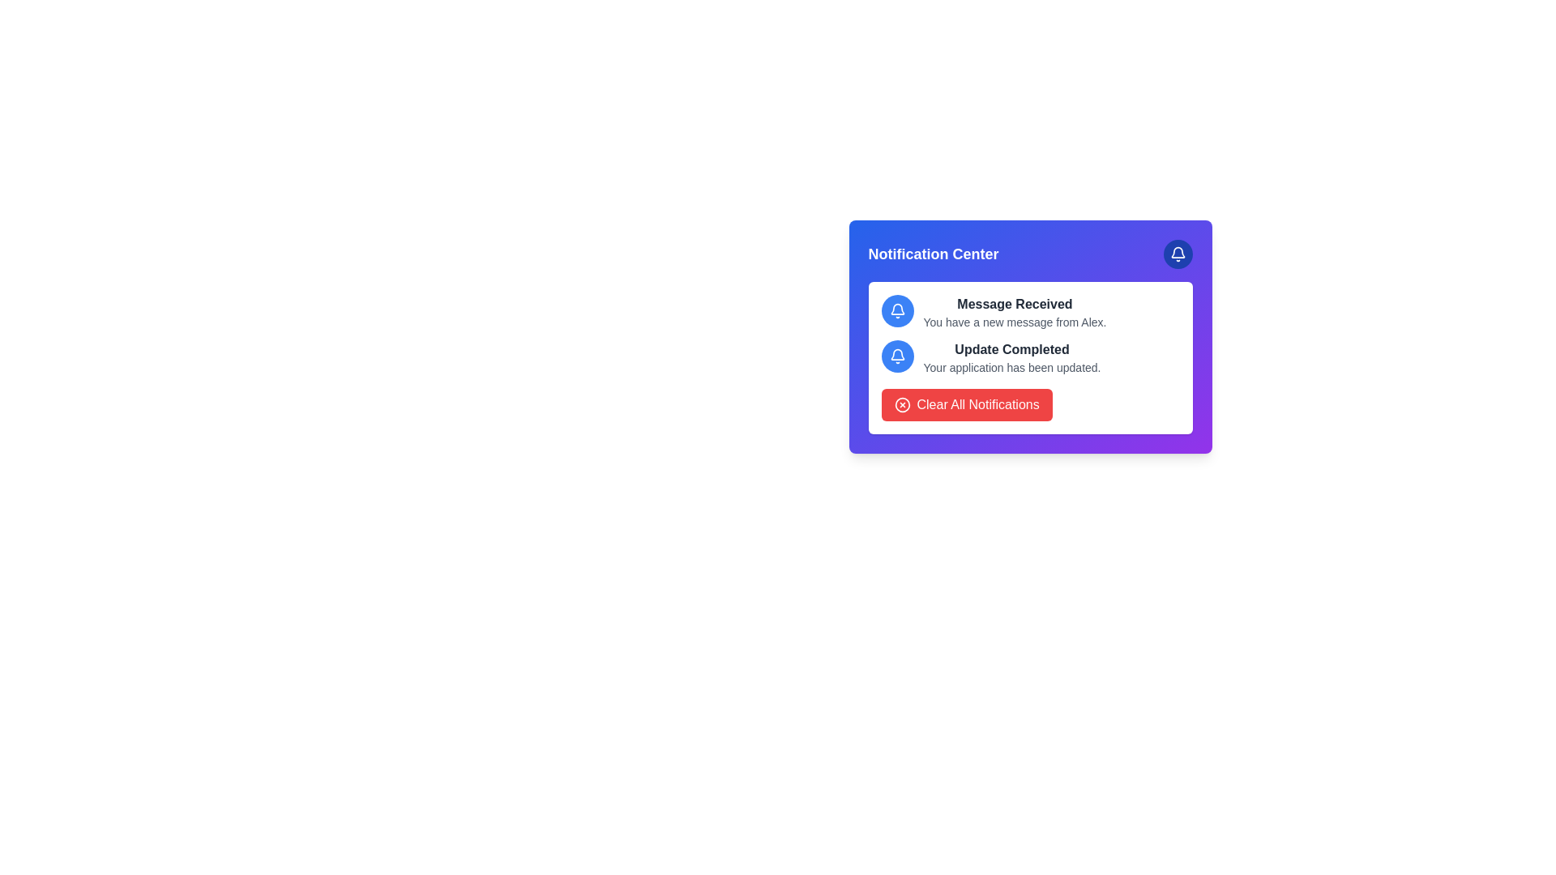 This screenshot has width=1556, height=875. Describe the element at coordinates (896, 355) in the screenshot. I see `the notification indicator element associated with the 'Update Completed' notification, positioned in the second row of the notifications list in the notification center panel` at that location.